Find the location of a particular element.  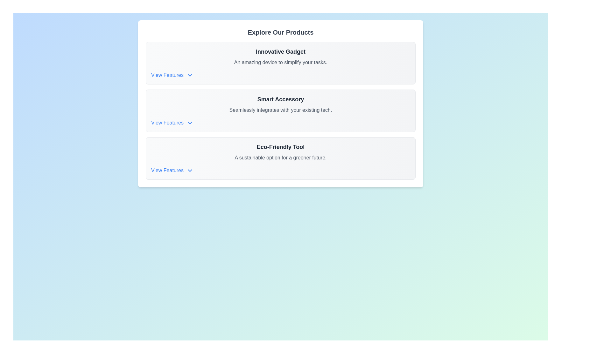

text label displaying 'Smart Accessory', which is styled as a header in bold, large font, located in the middle section of three similar stacked sections is located at coordinates (280, 99).